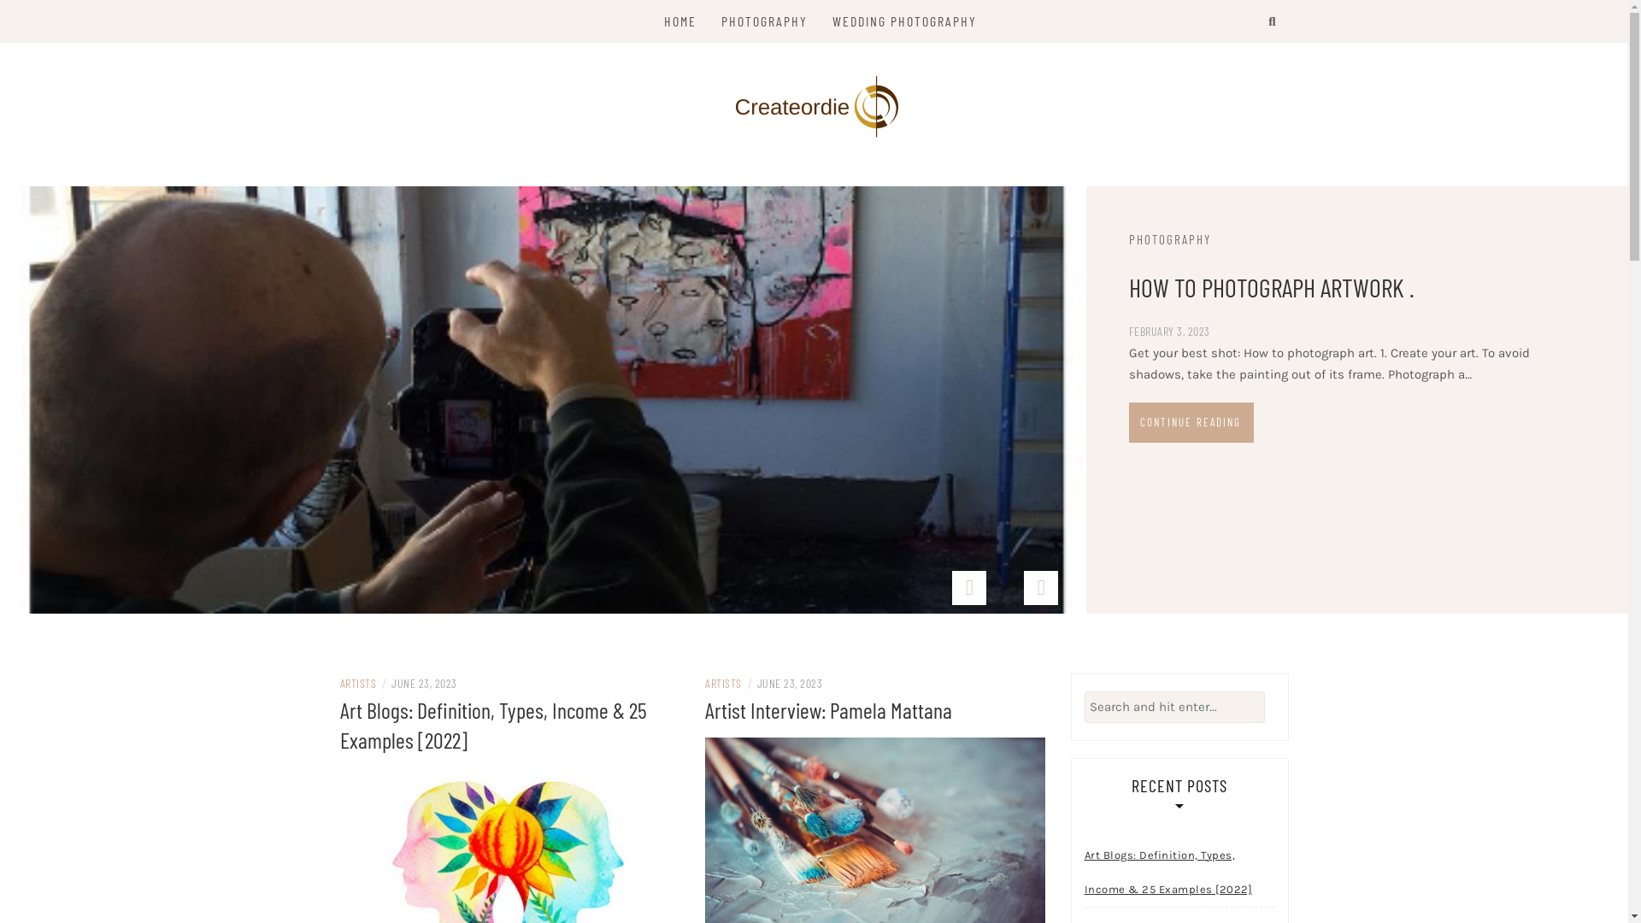 The height and width of the screenshot is (923, 1641). What do you see at coordinates (357, 682) in the screenshot?
I see `'ARTISTS'` at bounding box center [357, 682].